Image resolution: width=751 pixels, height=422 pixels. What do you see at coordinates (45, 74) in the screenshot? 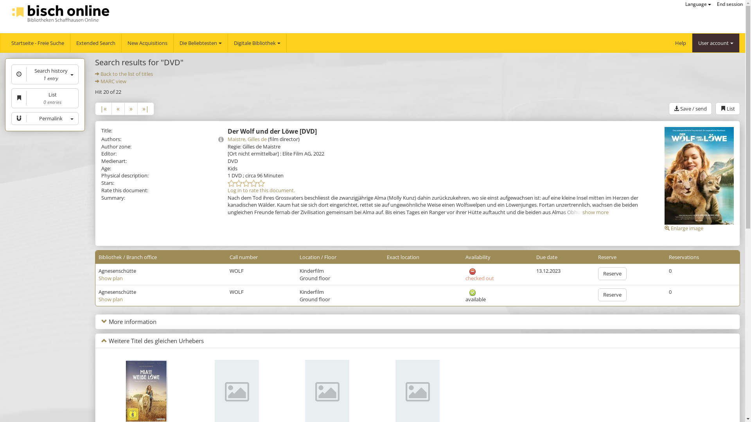
I see `'Search history` at bounding box center [45, 74].